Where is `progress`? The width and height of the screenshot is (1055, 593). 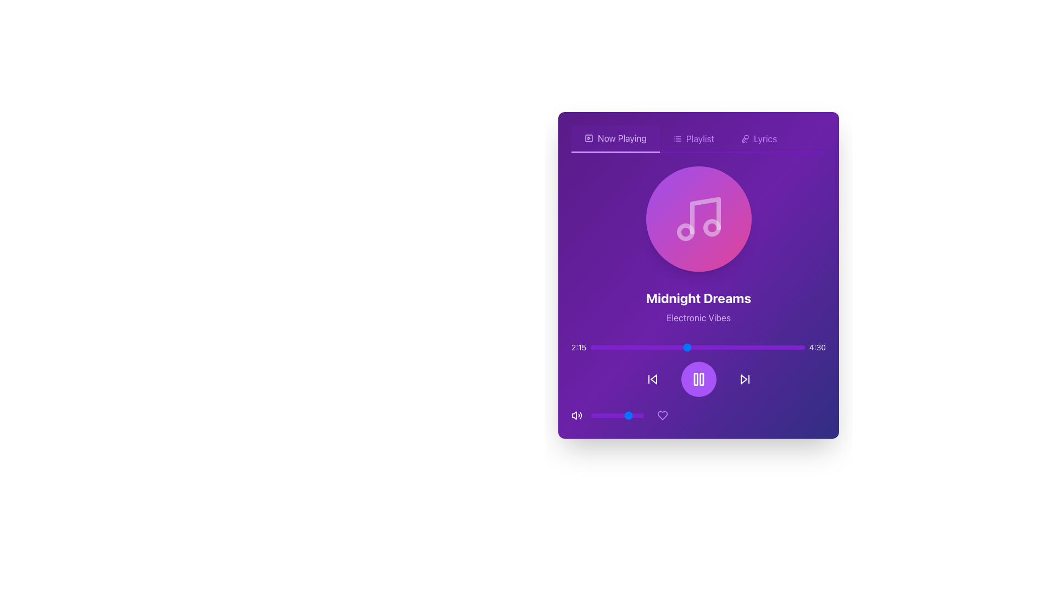 progress is located at coordinates (768, 347).